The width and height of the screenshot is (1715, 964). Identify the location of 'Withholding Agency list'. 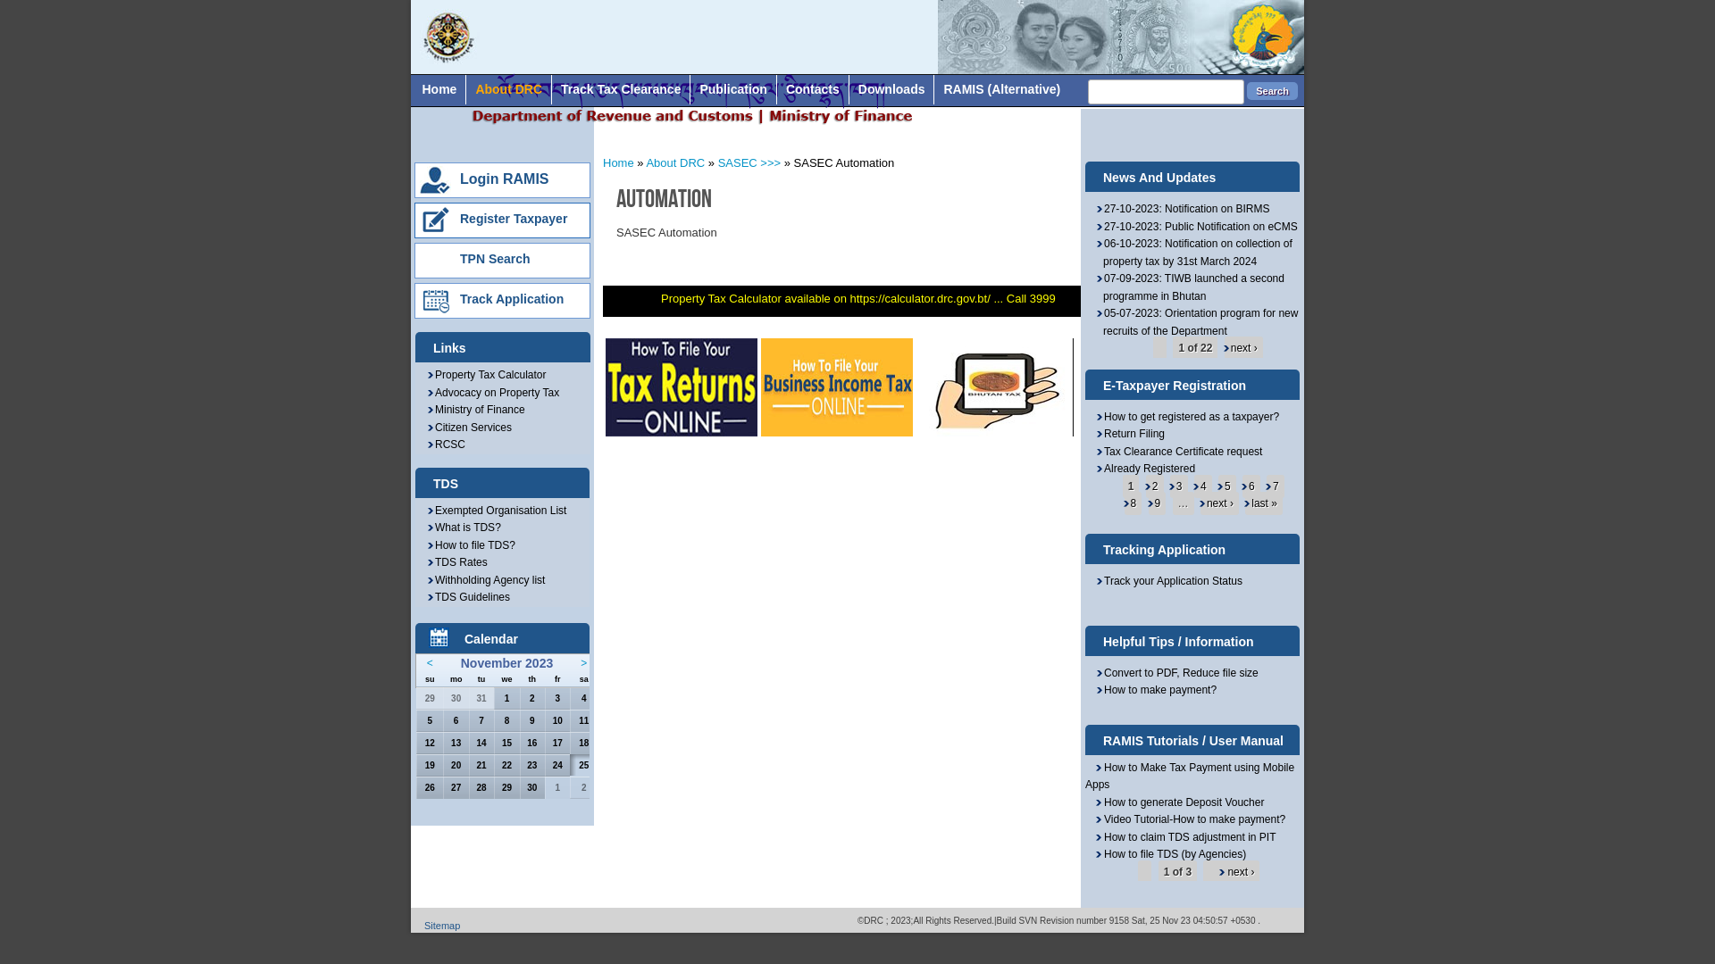
(485, 580).